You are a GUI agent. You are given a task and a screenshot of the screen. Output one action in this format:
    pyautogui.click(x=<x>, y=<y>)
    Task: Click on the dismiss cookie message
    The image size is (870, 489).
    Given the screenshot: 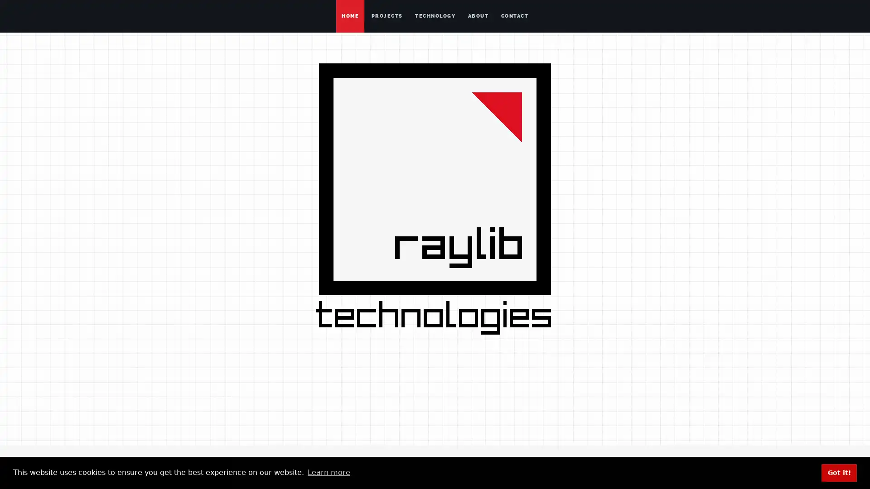 What is the action you would take?
    pyautogui.click(x=839, y=472)
    